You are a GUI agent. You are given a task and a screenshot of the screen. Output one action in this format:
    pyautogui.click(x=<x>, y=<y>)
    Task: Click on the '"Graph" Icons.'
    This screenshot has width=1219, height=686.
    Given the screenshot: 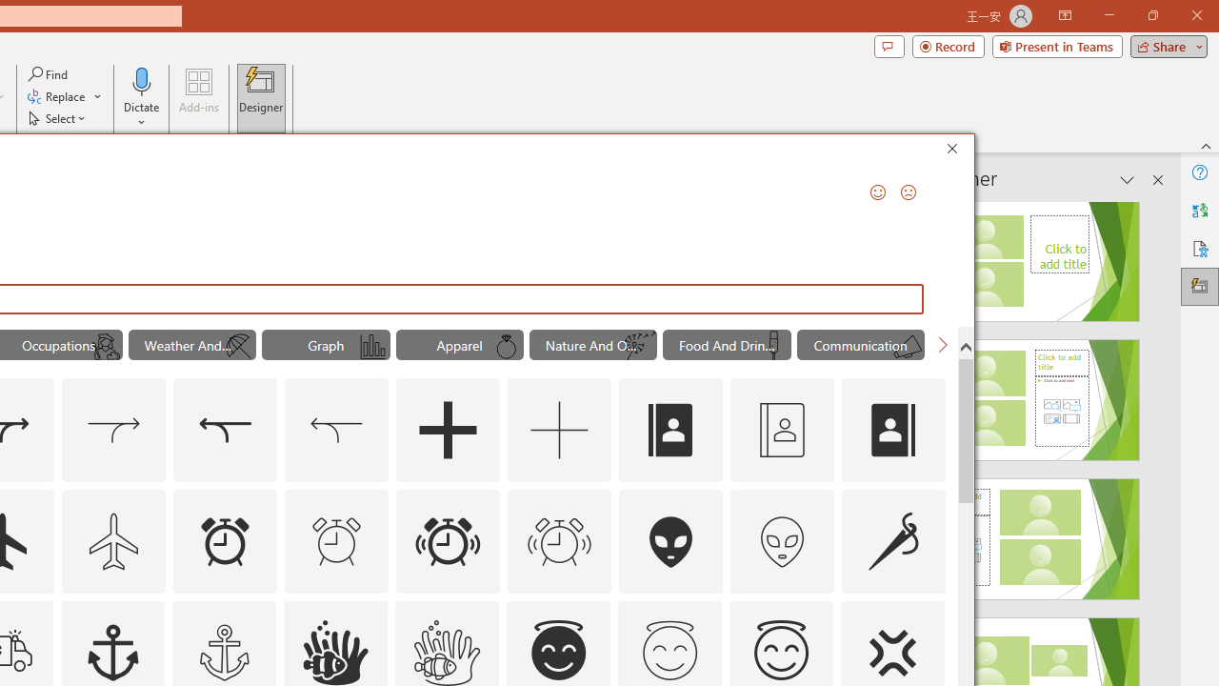 What is the action you would take?
    pyautogui.click(x=326, y=345)
    